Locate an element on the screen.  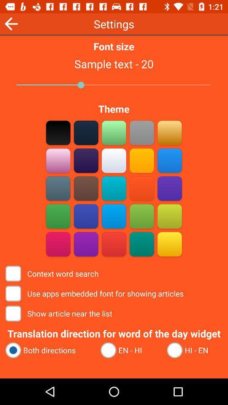
the show article near icon is located at coordinates (59, 313).